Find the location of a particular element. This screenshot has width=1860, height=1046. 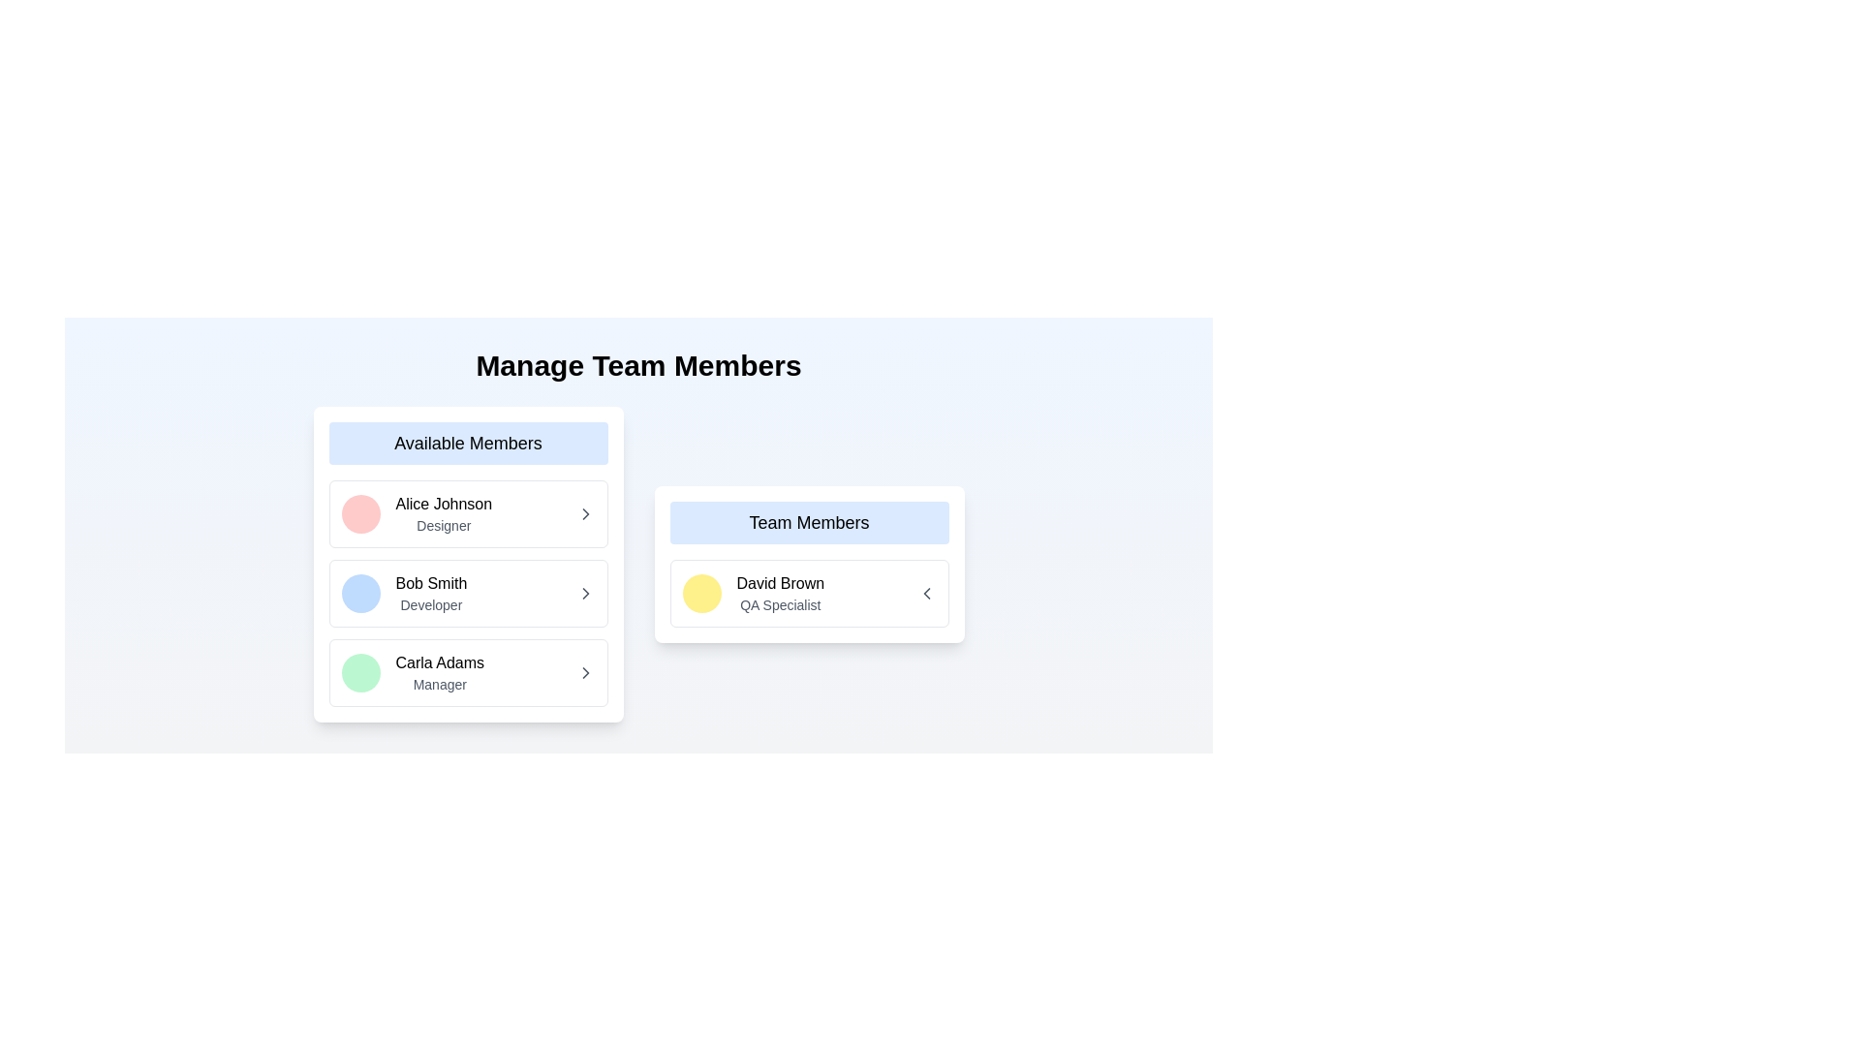

the text element displaying 'Bob Smith' and 'Developer' is located at coordinates (430, 593).